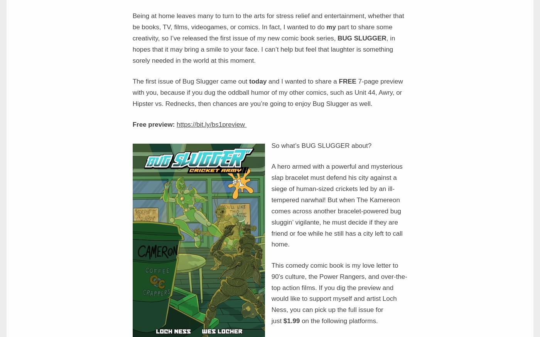 The image size is (540, 337). Describe the element at coordinates (263, 49) in the screenshot. I see `', in hopes that it may bring a smile to your face. I can’t help but feel that laughter is something sorely needed in the world at this moment.'` at that location.